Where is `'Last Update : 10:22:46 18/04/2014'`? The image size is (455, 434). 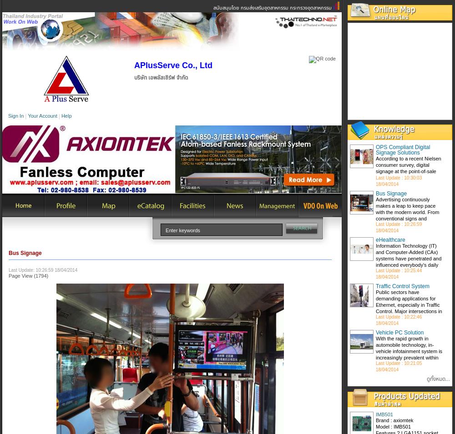
'Last Update : 10:22:46 18/04/2014' is located at coordinates (399, 319).